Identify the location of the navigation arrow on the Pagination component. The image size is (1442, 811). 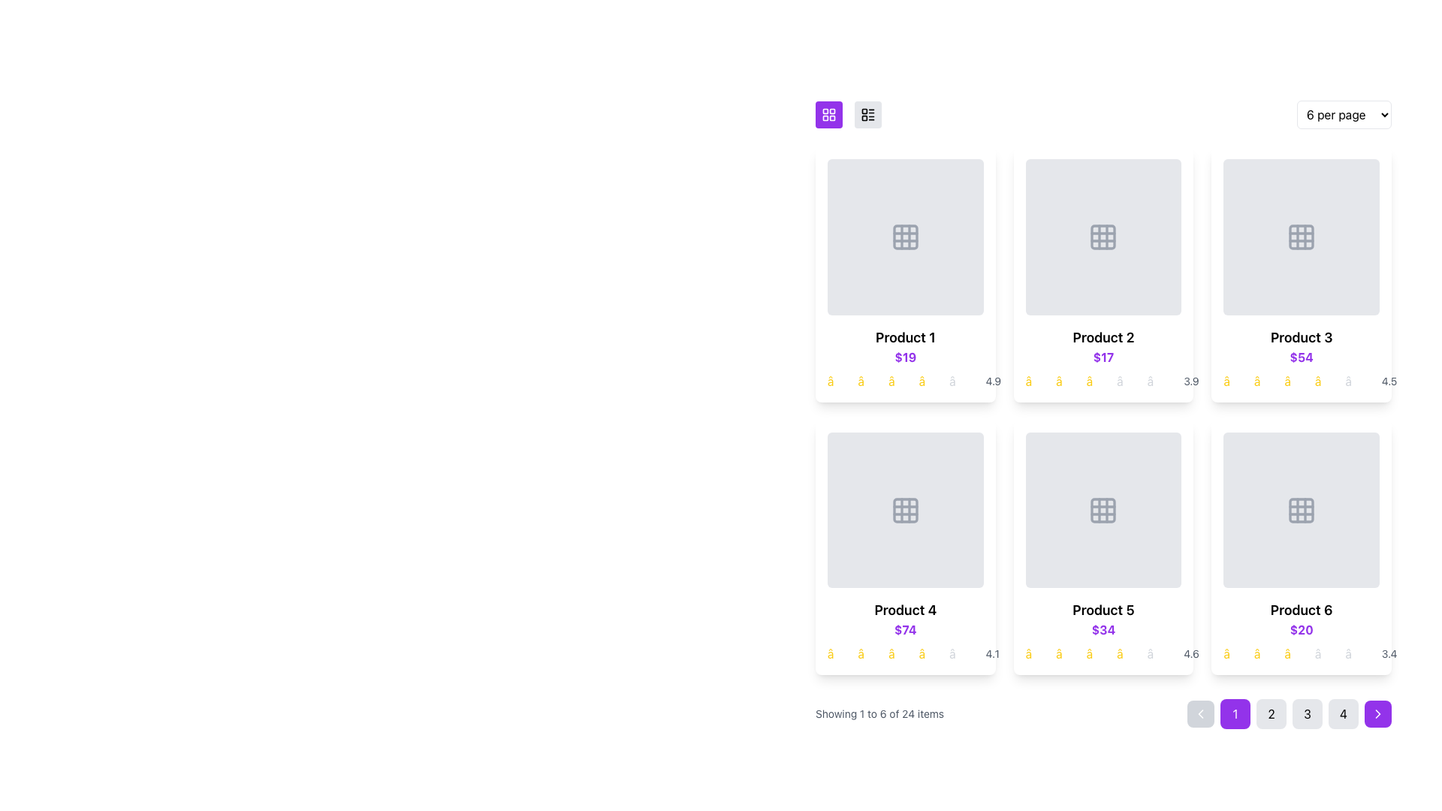
(1103, 713).